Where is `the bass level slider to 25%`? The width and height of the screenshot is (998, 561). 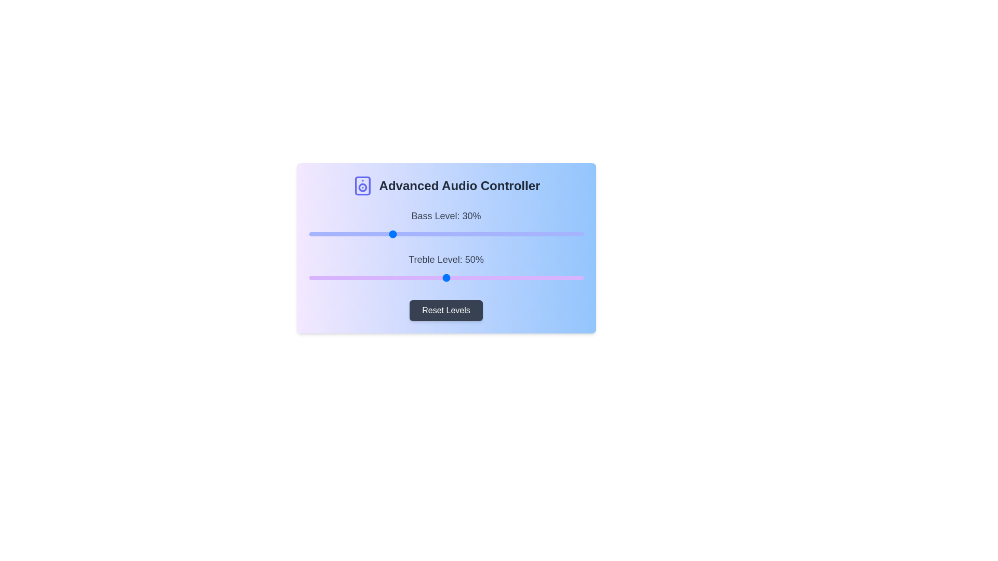
the bass level slider to 25% is located at coordinates (377, 234).